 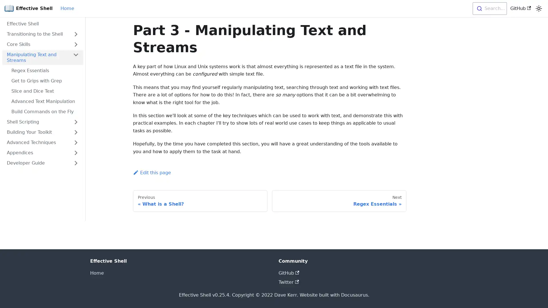 I want to click on Search..., so click(x=489, y=9).